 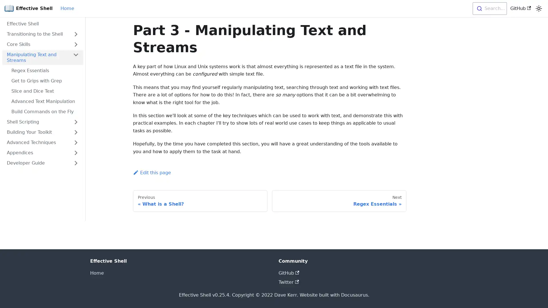 I want to click on Search..., so click(x=489, y=9).